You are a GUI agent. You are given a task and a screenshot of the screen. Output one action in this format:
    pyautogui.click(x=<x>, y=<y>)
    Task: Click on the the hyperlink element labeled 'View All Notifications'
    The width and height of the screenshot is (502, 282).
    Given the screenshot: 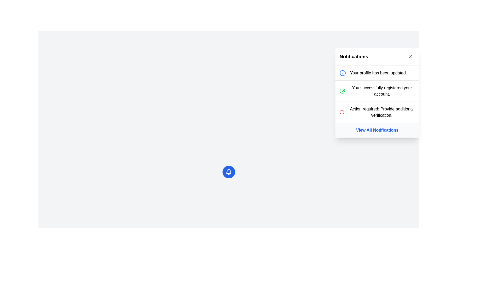 What is the action you would take?
    pyautogui.click(x=377, y=130)
    